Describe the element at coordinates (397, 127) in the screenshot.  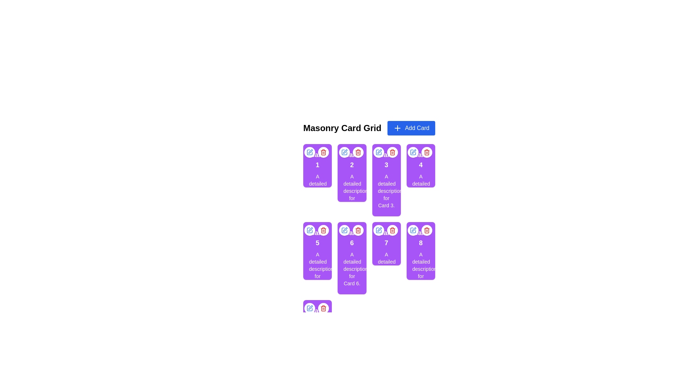
I see `the plus icon on the 'Add Card' button located in the top-right corner of the interface` at that location.